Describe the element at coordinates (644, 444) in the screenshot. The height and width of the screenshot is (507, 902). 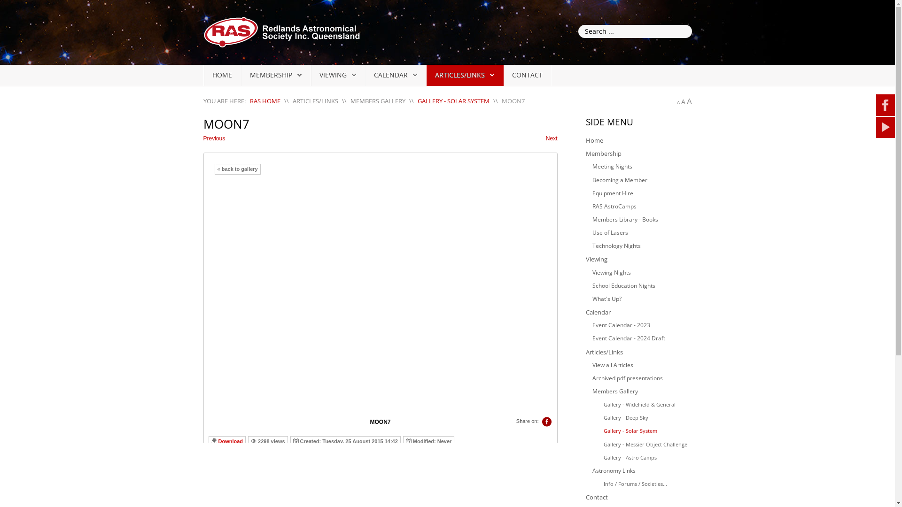
I see `'Gallery - Messier Object Challenge'` at that location.